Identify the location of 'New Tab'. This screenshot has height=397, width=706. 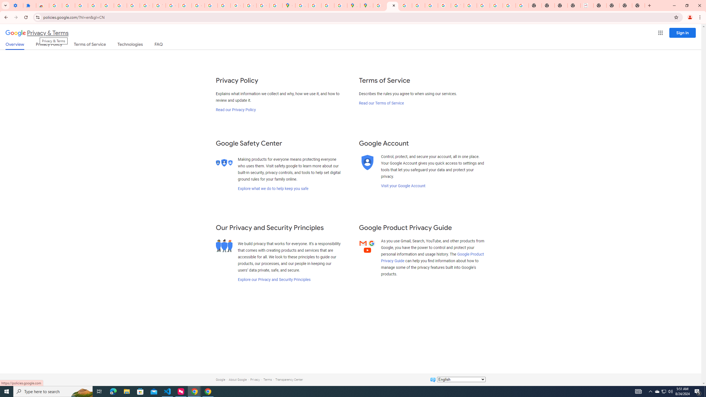
(638, 5).